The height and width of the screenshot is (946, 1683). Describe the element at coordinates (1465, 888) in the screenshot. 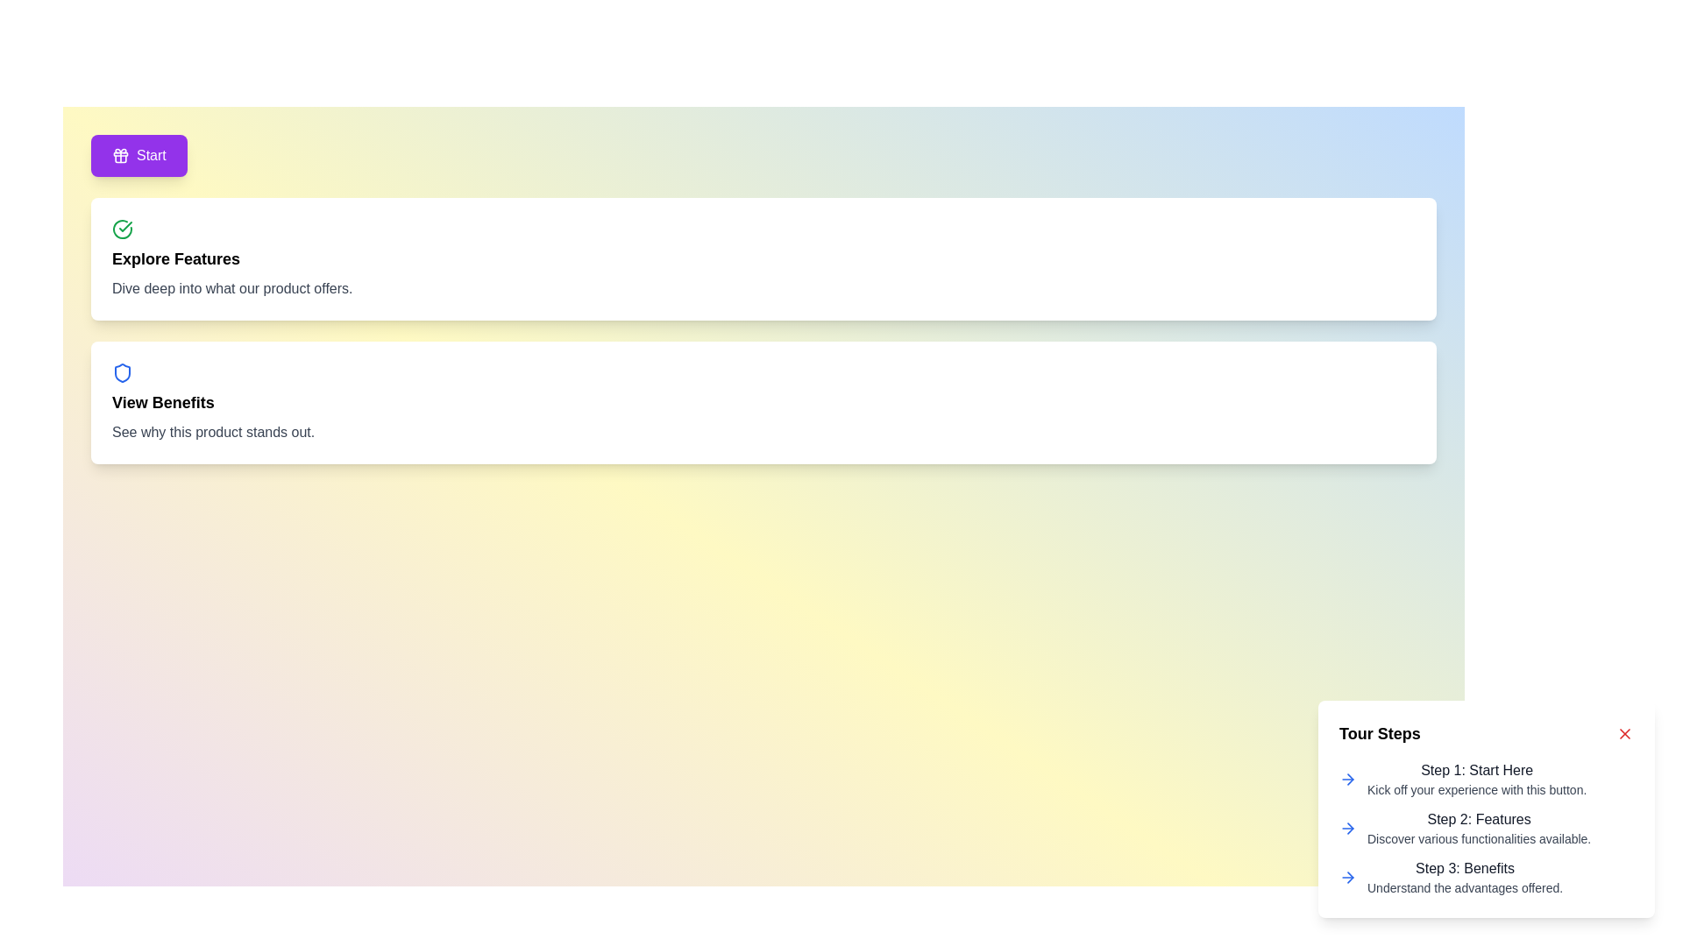

I see `descriptive text label located directly beneath the title 'Step 3: Benefits' in the list of steps titled 'Tour Steps' positioned in the bottom-right corner of the interface` at that location.